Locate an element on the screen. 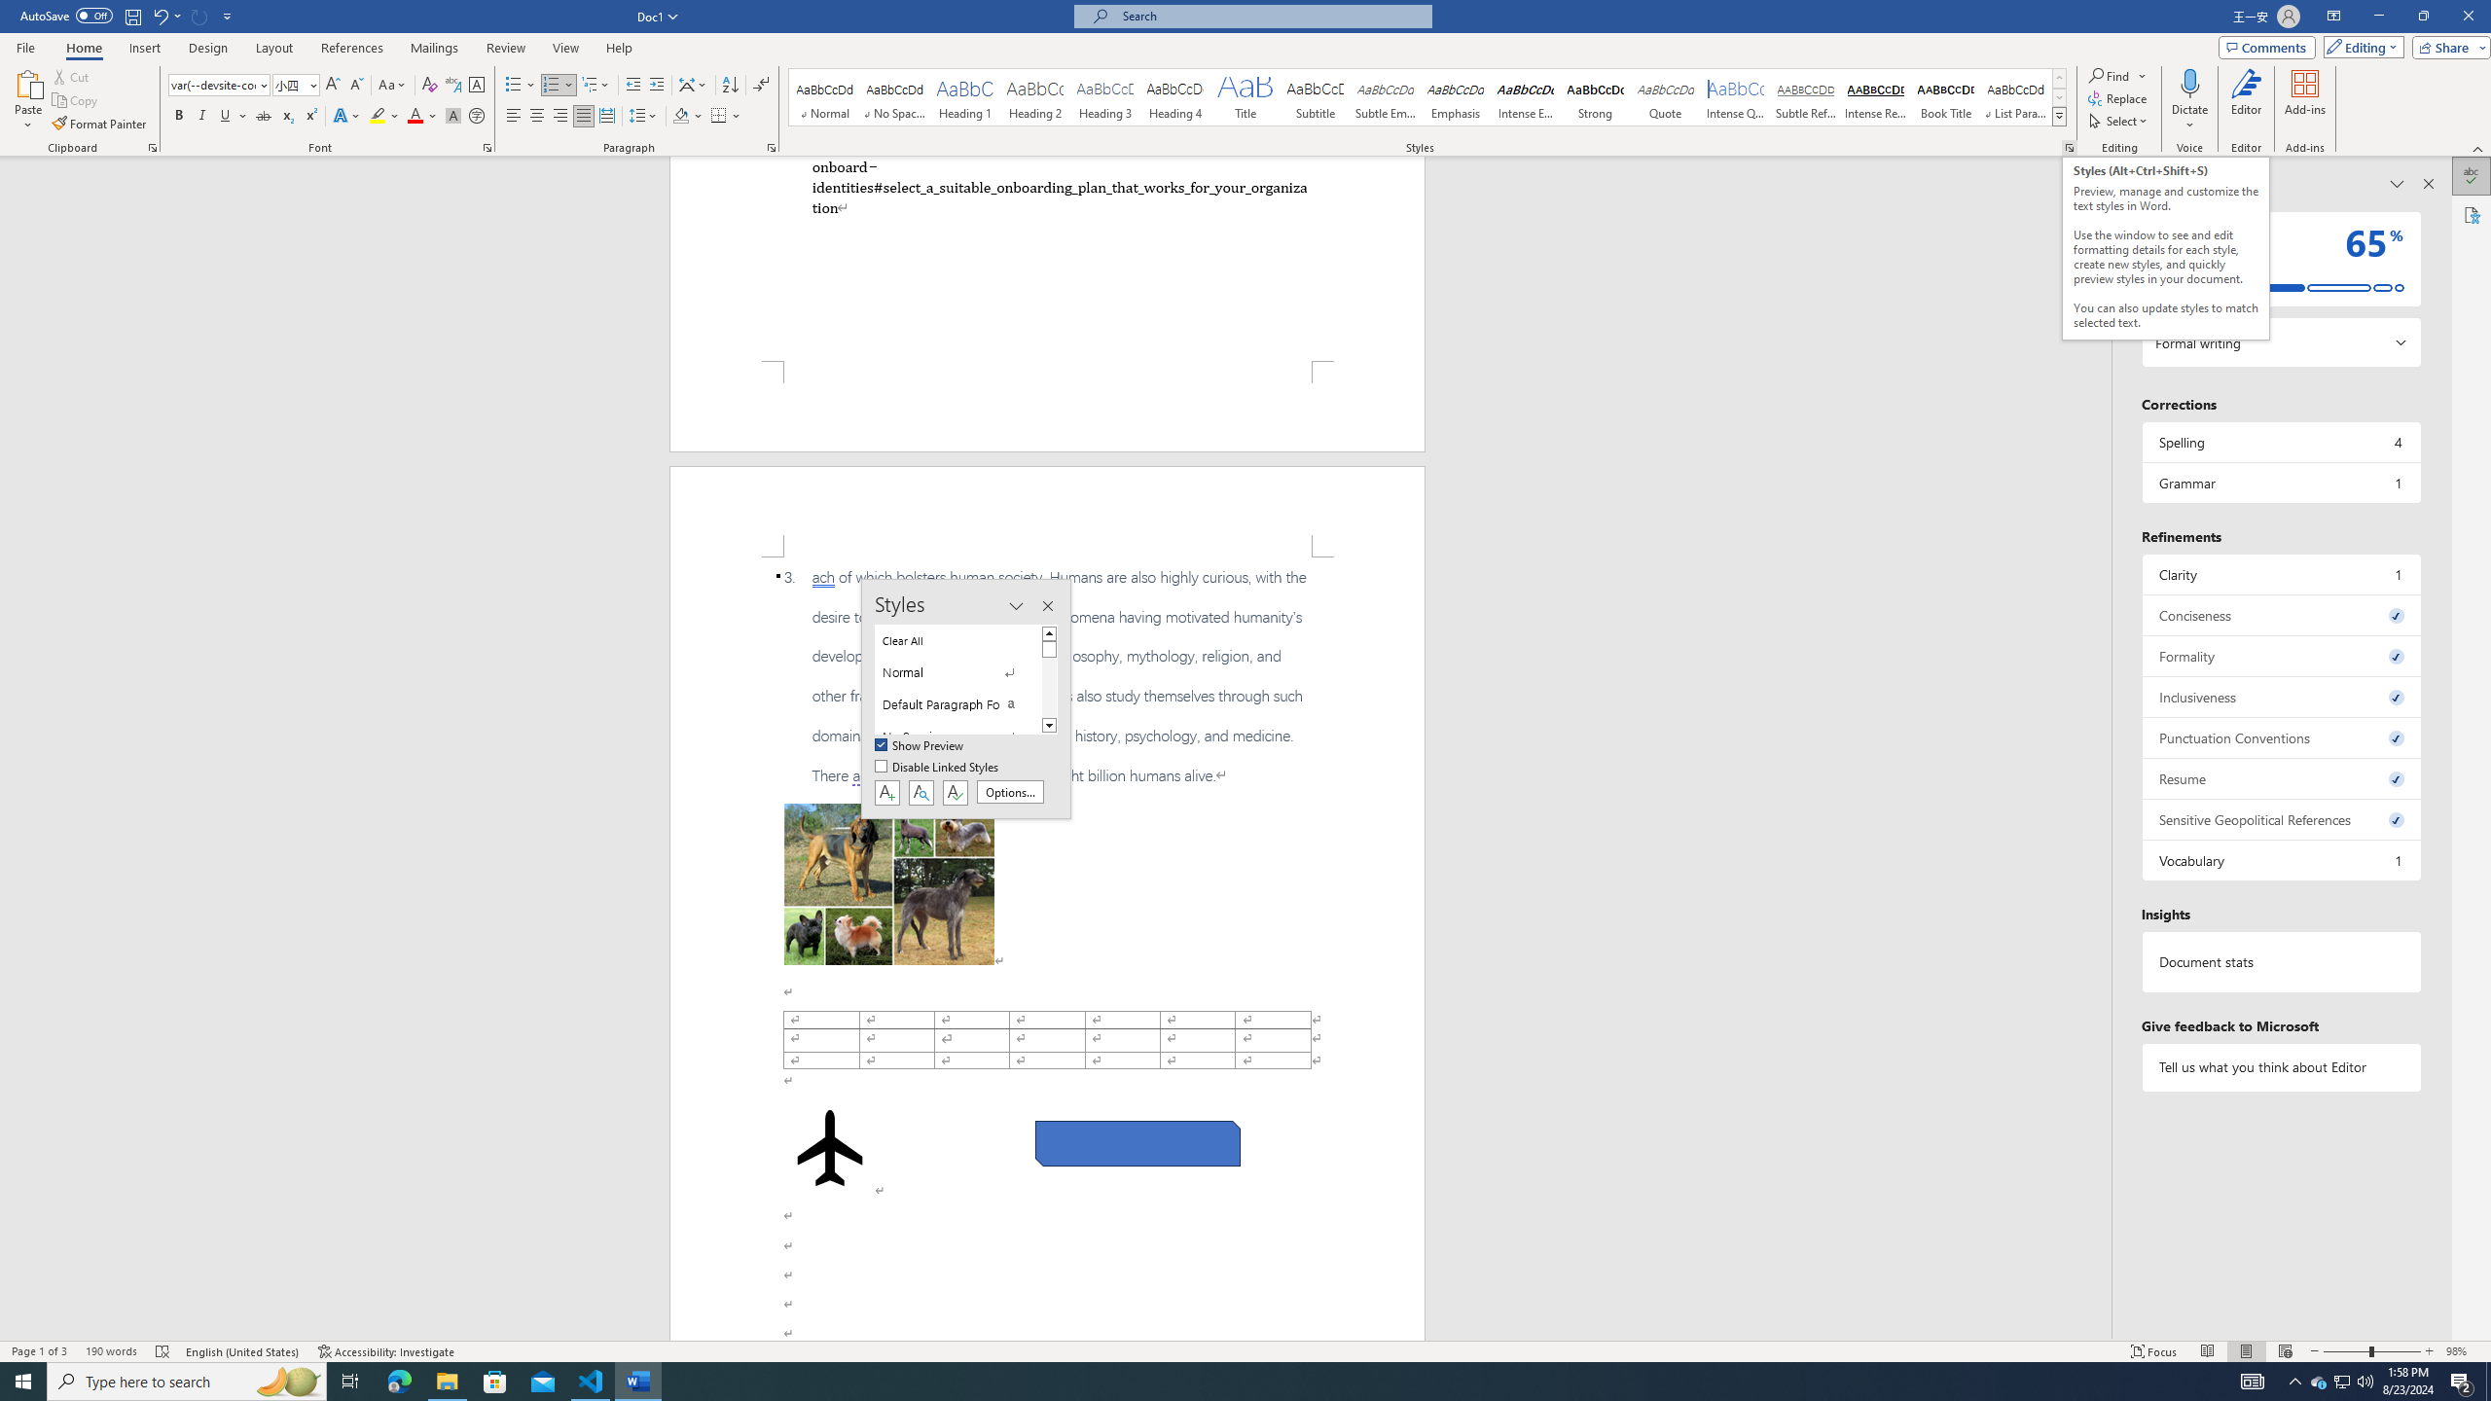 The width and height of the screenshot is (2491, 1401). 'Change Case' is located at coordinates (392, 85).